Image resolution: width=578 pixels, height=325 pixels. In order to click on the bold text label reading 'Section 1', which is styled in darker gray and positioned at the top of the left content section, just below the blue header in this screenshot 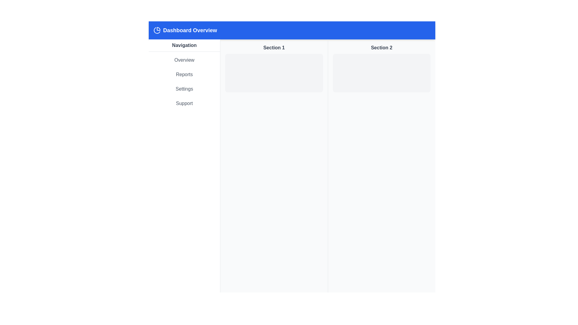, I will do `click(274, 47)`.